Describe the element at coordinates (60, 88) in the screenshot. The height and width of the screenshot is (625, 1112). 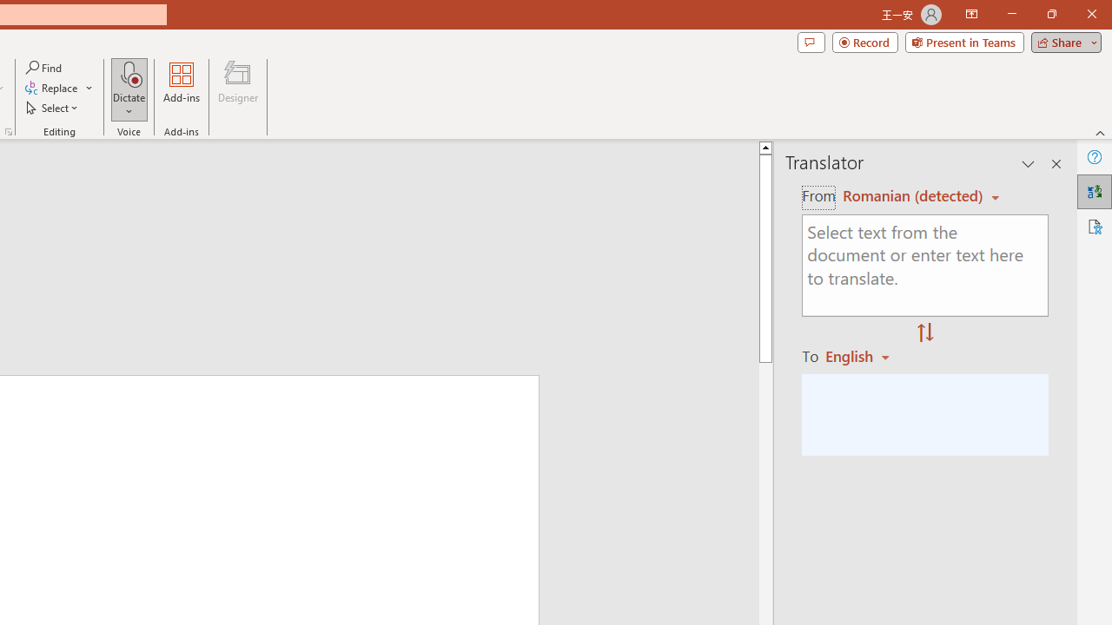
I see `'Replace...'` at that location.